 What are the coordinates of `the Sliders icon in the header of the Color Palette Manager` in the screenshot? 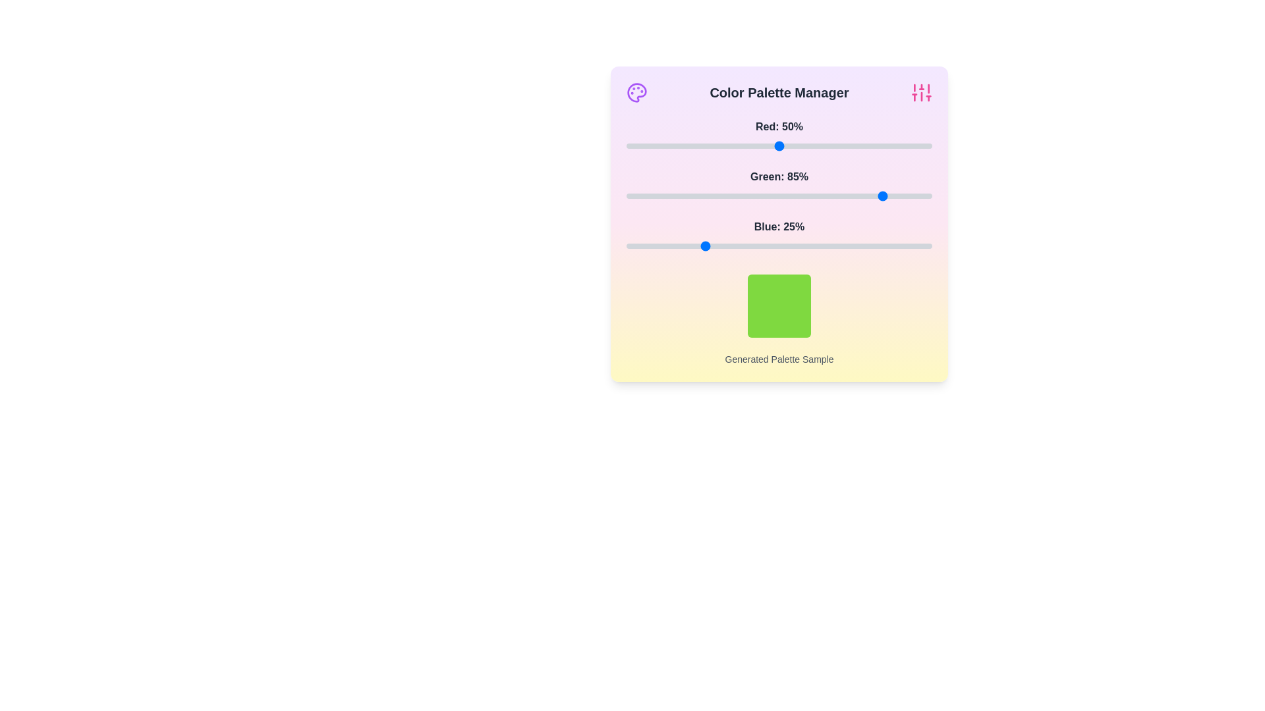 It's located at (920, 92).